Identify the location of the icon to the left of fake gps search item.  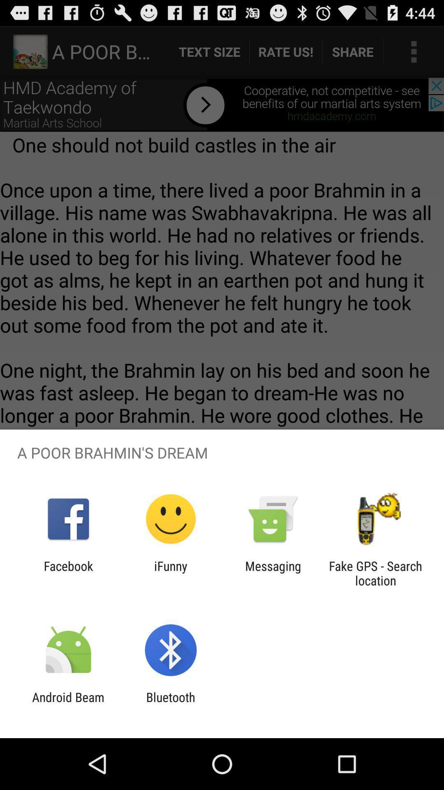
(273, 573).